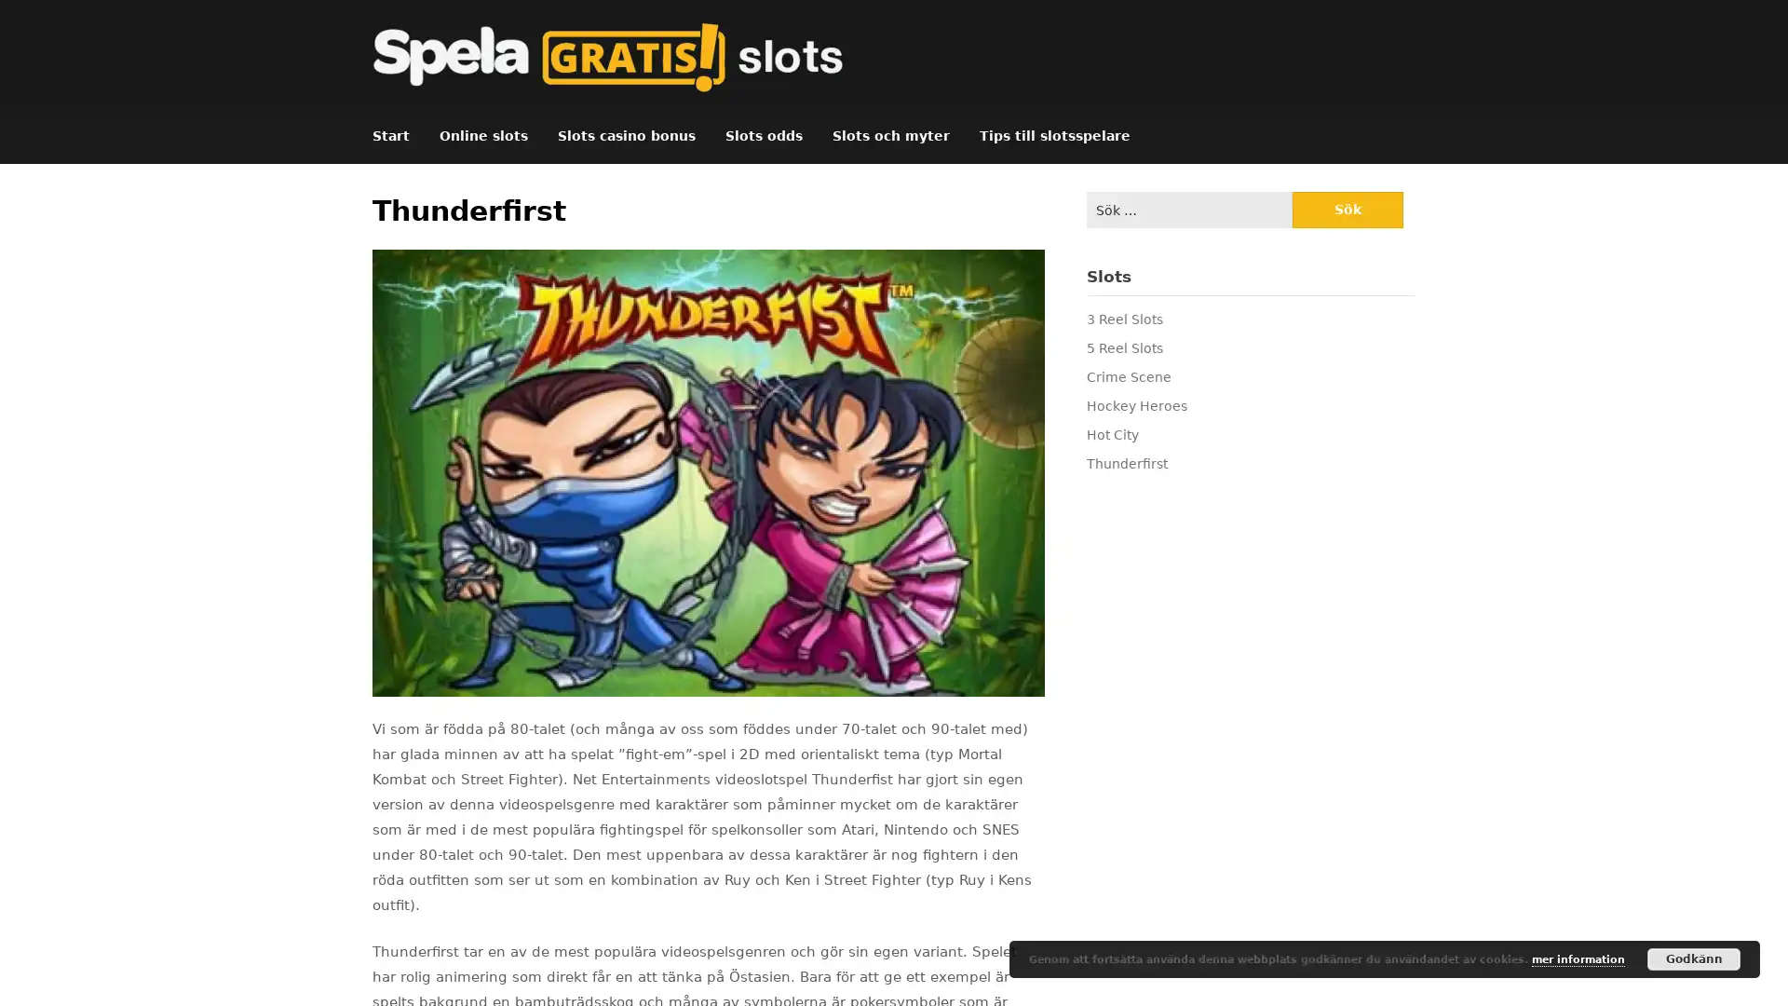 The height and width of the screenshot is (1006, 1788). I want to click on Sok, so click(1347, 210).